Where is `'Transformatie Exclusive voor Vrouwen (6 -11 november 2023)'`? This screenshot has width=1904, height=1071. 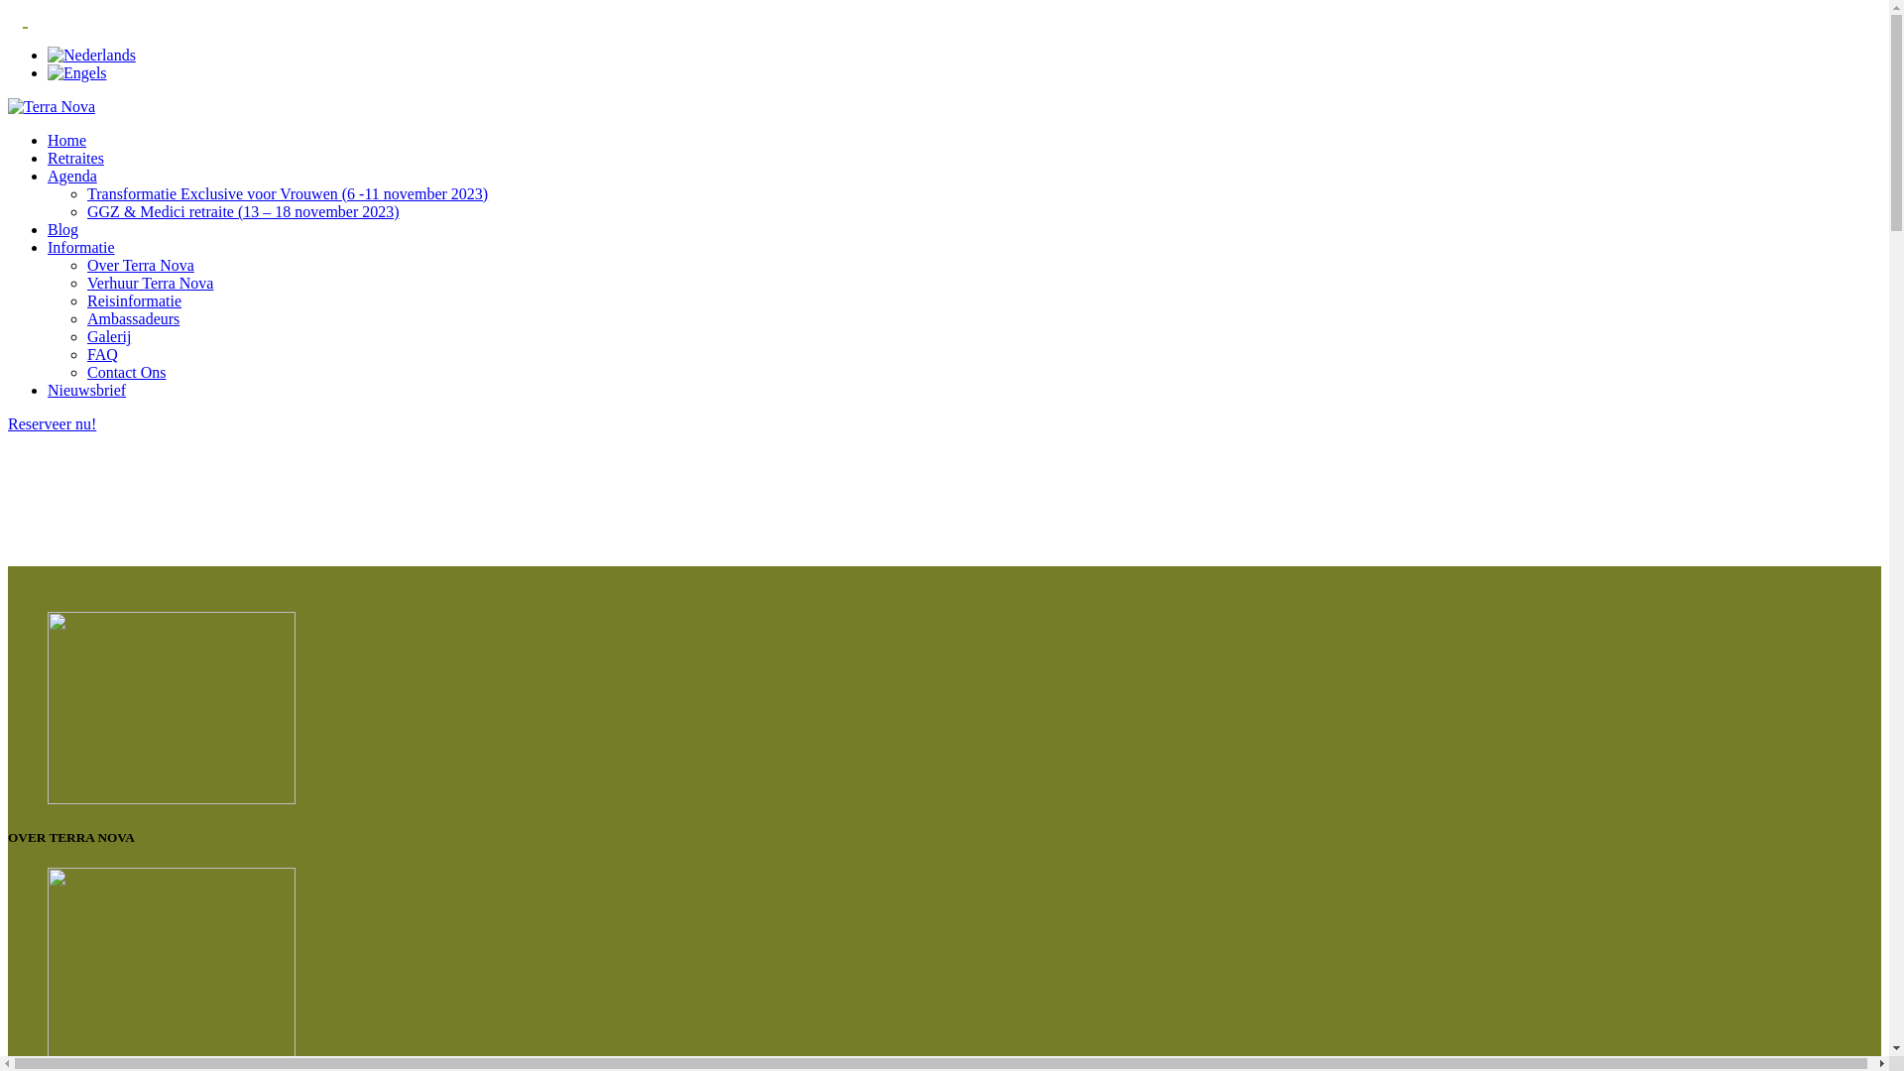 'Transformatie Exclusive voor Vrouwen (6 -11 november 2023)' is located at coordinates (286, 193).